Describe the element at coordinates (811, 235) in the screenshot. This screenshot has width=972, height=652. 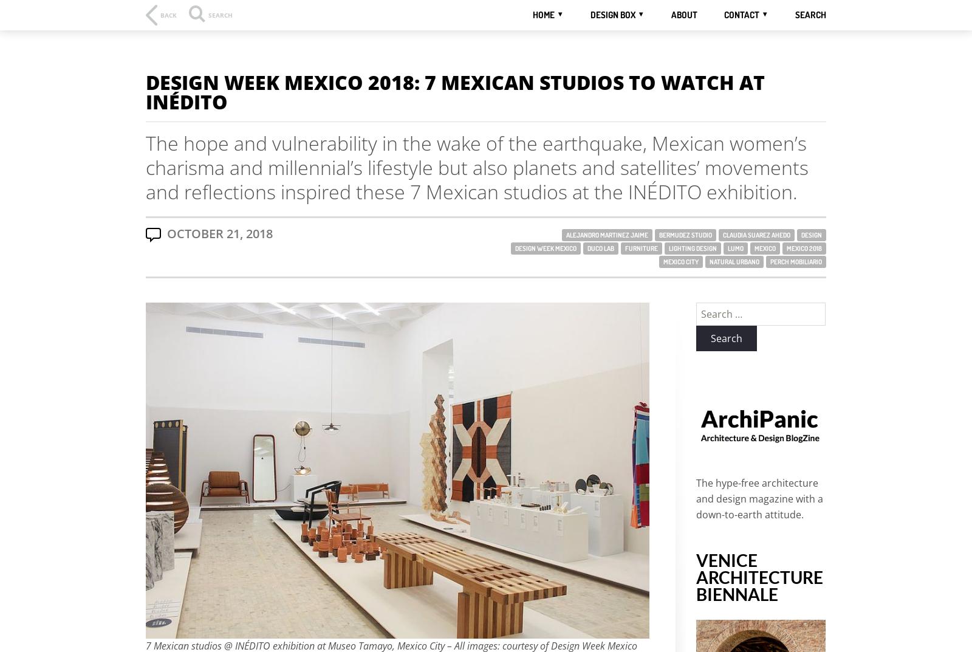
I see `'Design'` at that location.